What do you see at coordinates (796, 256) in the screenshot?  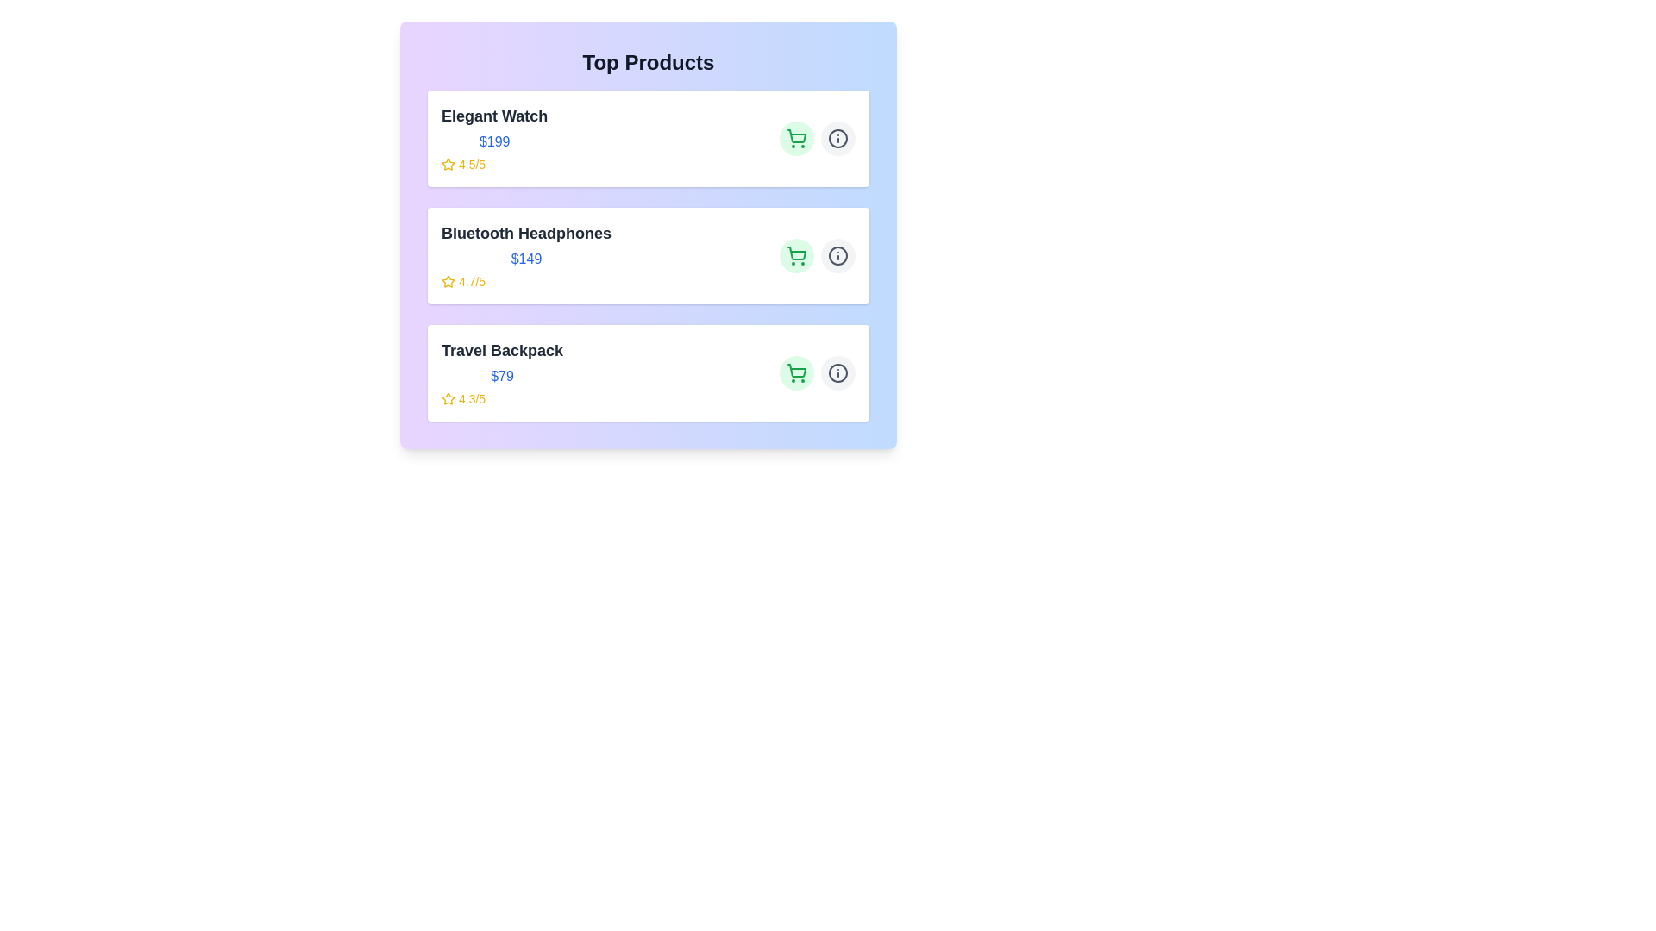 I see `'Add to Cart' button for the item 'Bluetooth Headphones'` at bounding box center [796, 256].